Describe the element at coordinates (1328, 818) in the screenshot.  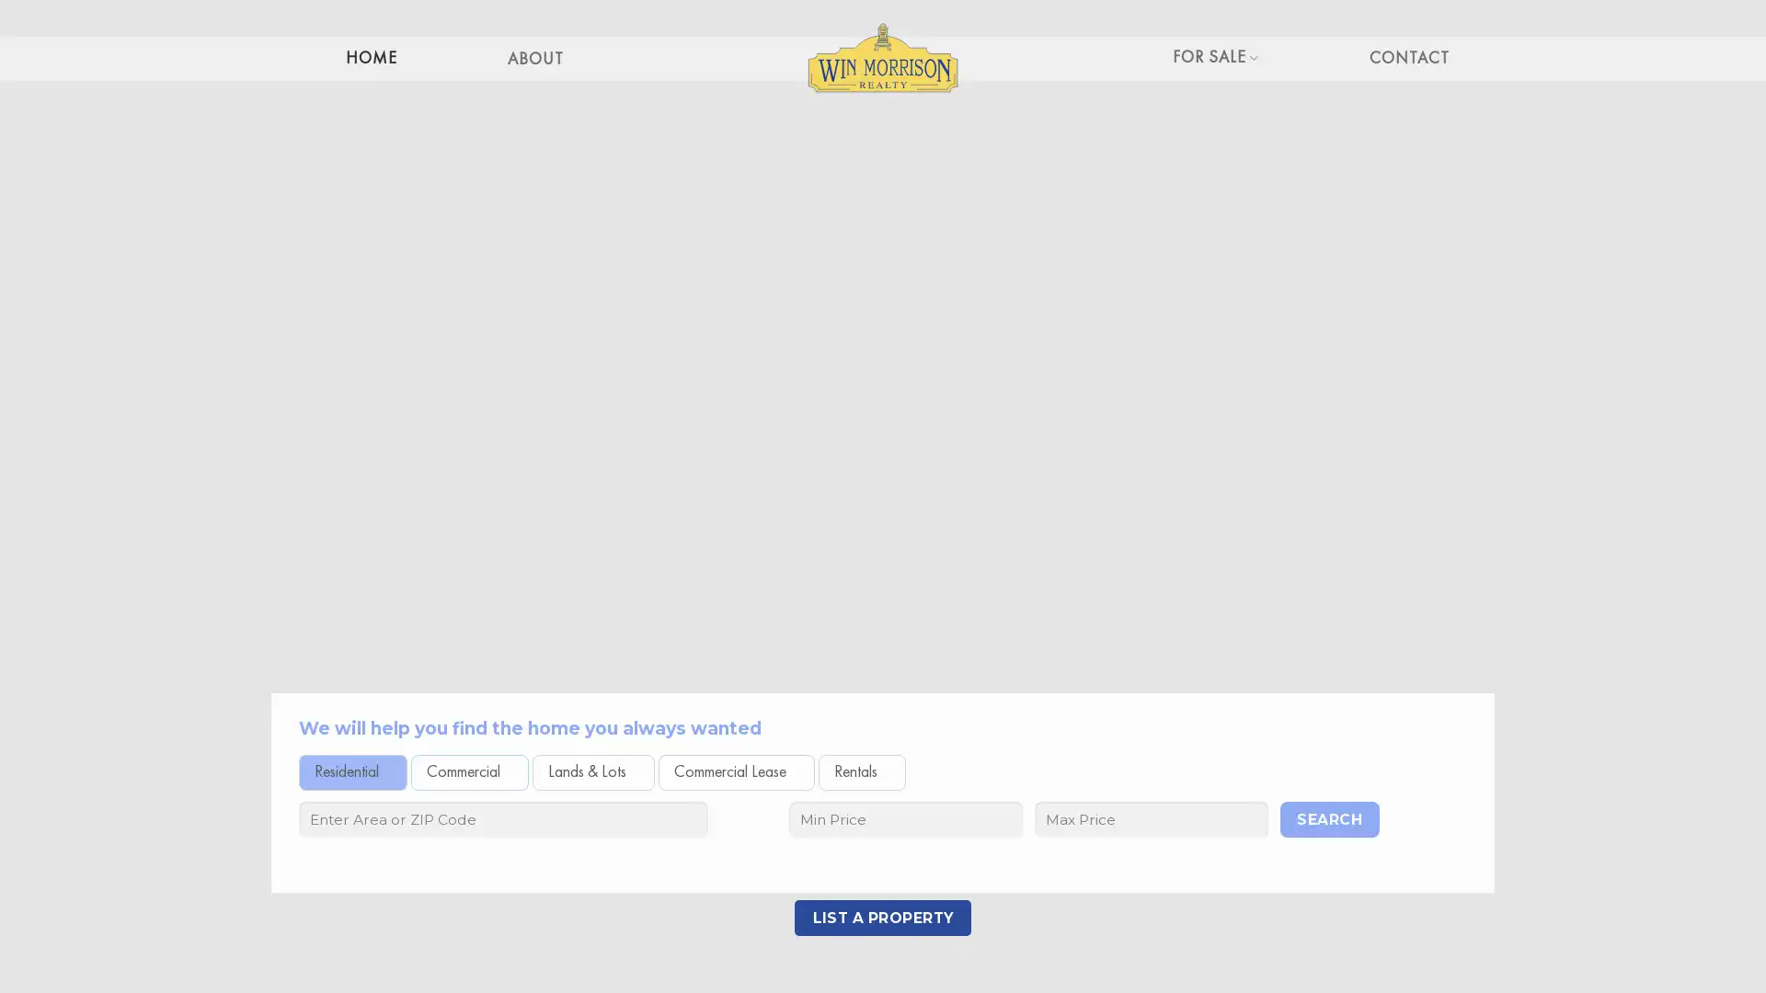
I see `Search` at that location.